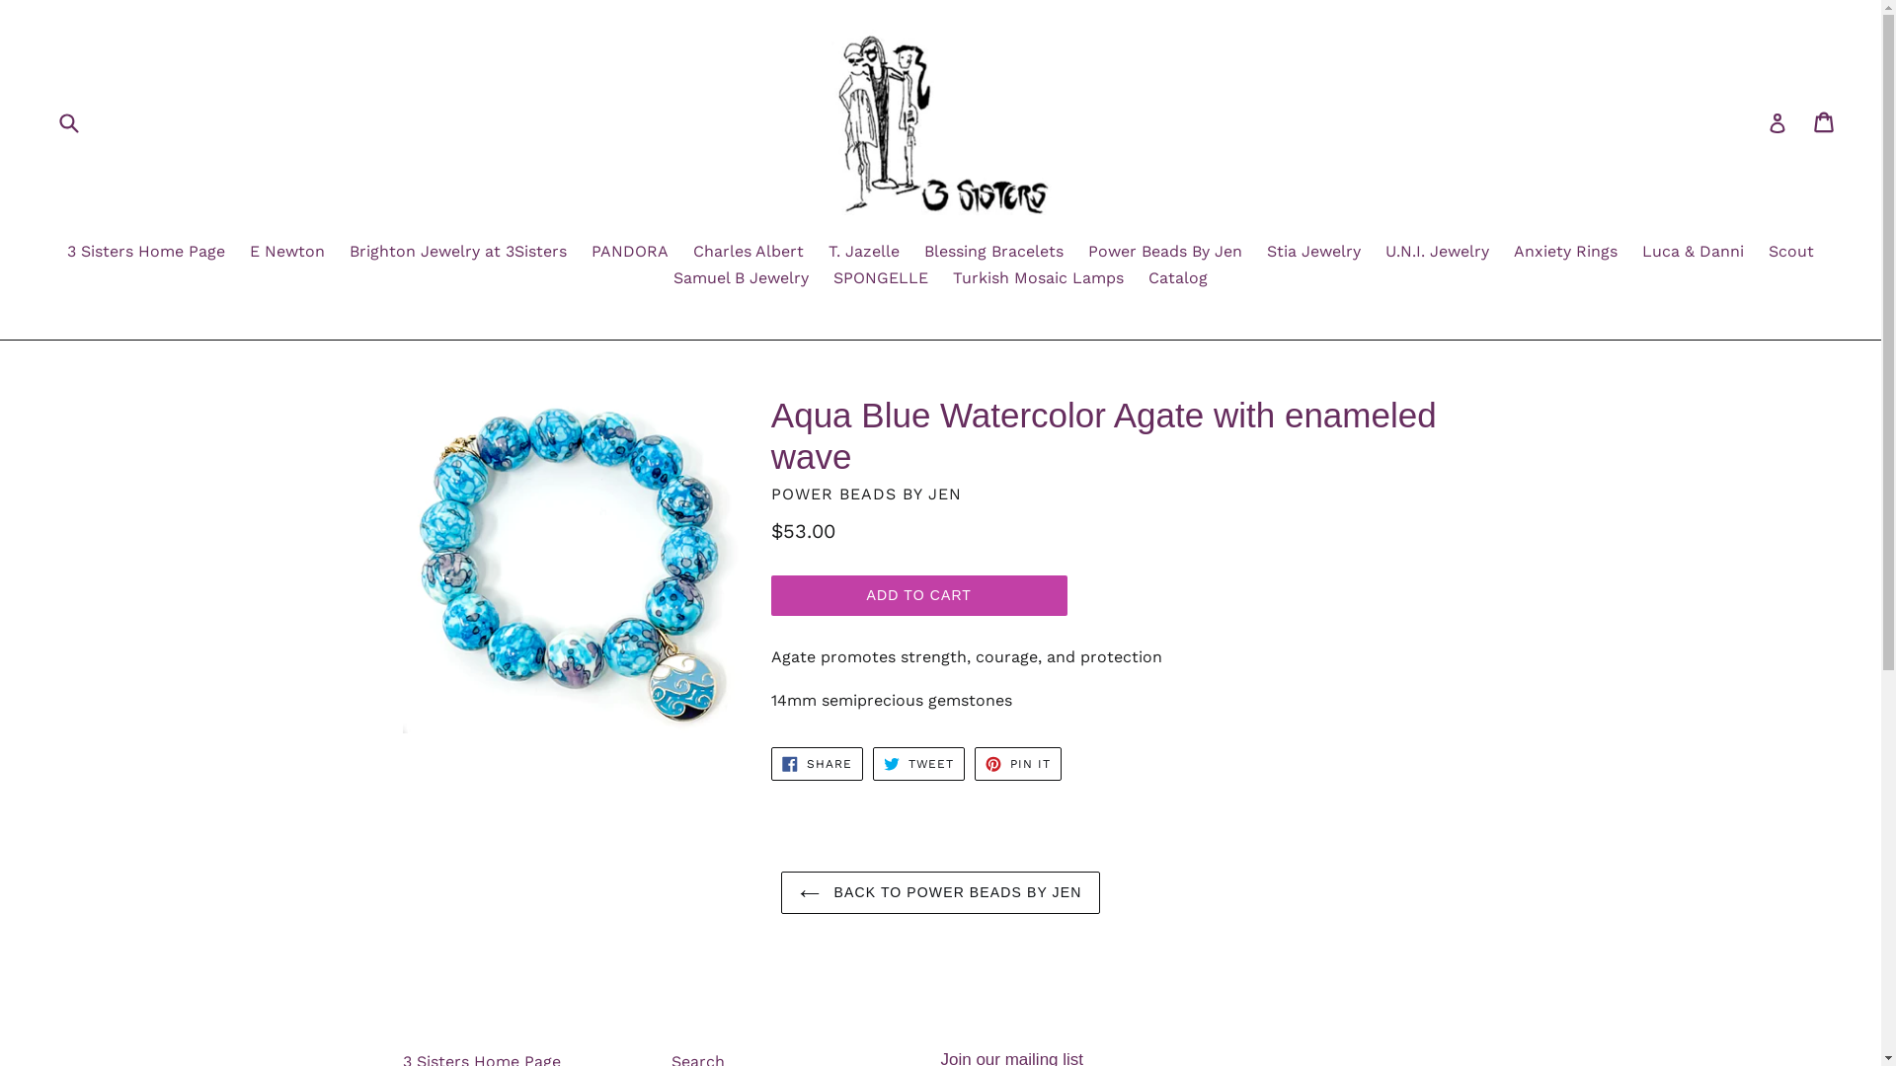 This screenshot has height=1066, width=1896. What do you see at coordinates (145, 251) in the screenshot?
I see `'3 Sisters Home Page'` at bounding box center [145, 251].